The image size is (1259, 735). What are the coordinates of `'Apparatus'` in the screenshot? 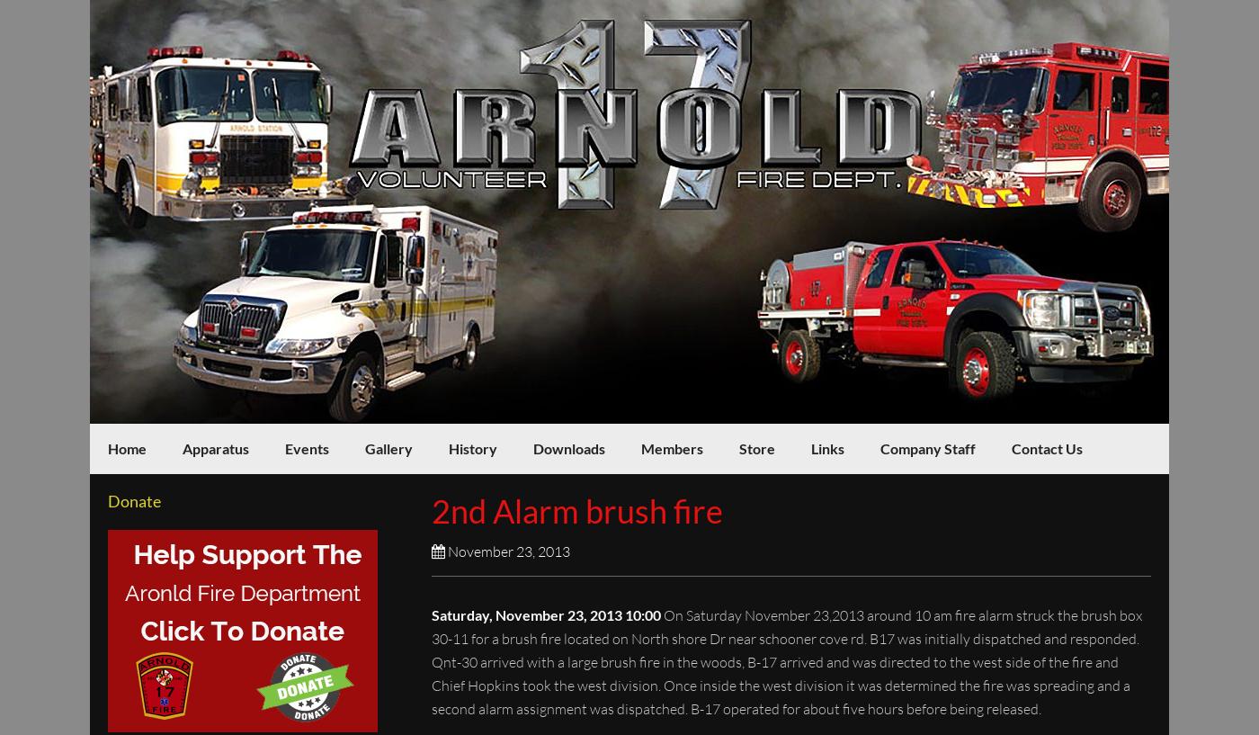 It's located at (215, 447).